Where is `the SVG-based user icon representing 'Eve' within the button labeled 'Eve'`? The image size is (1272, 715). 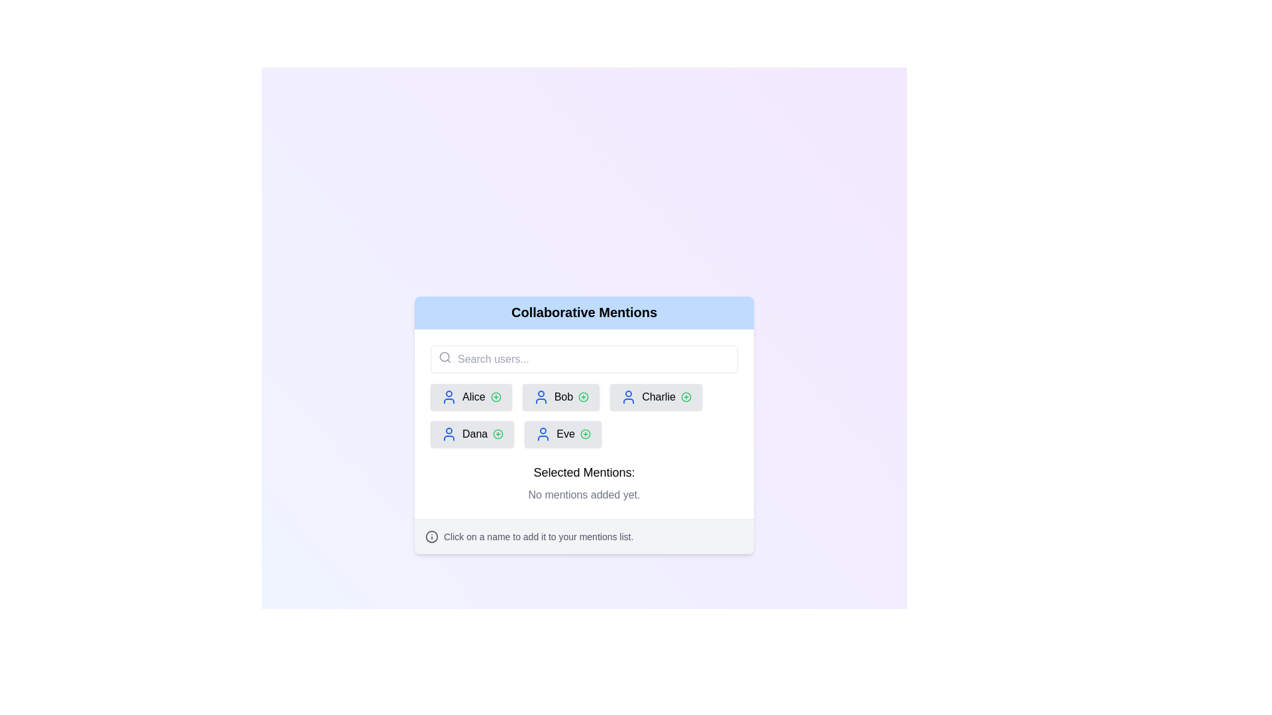 the SVG-based user icon representing 'Eve' within the button labeled 'Eve' is located at coordinates (543, 434).